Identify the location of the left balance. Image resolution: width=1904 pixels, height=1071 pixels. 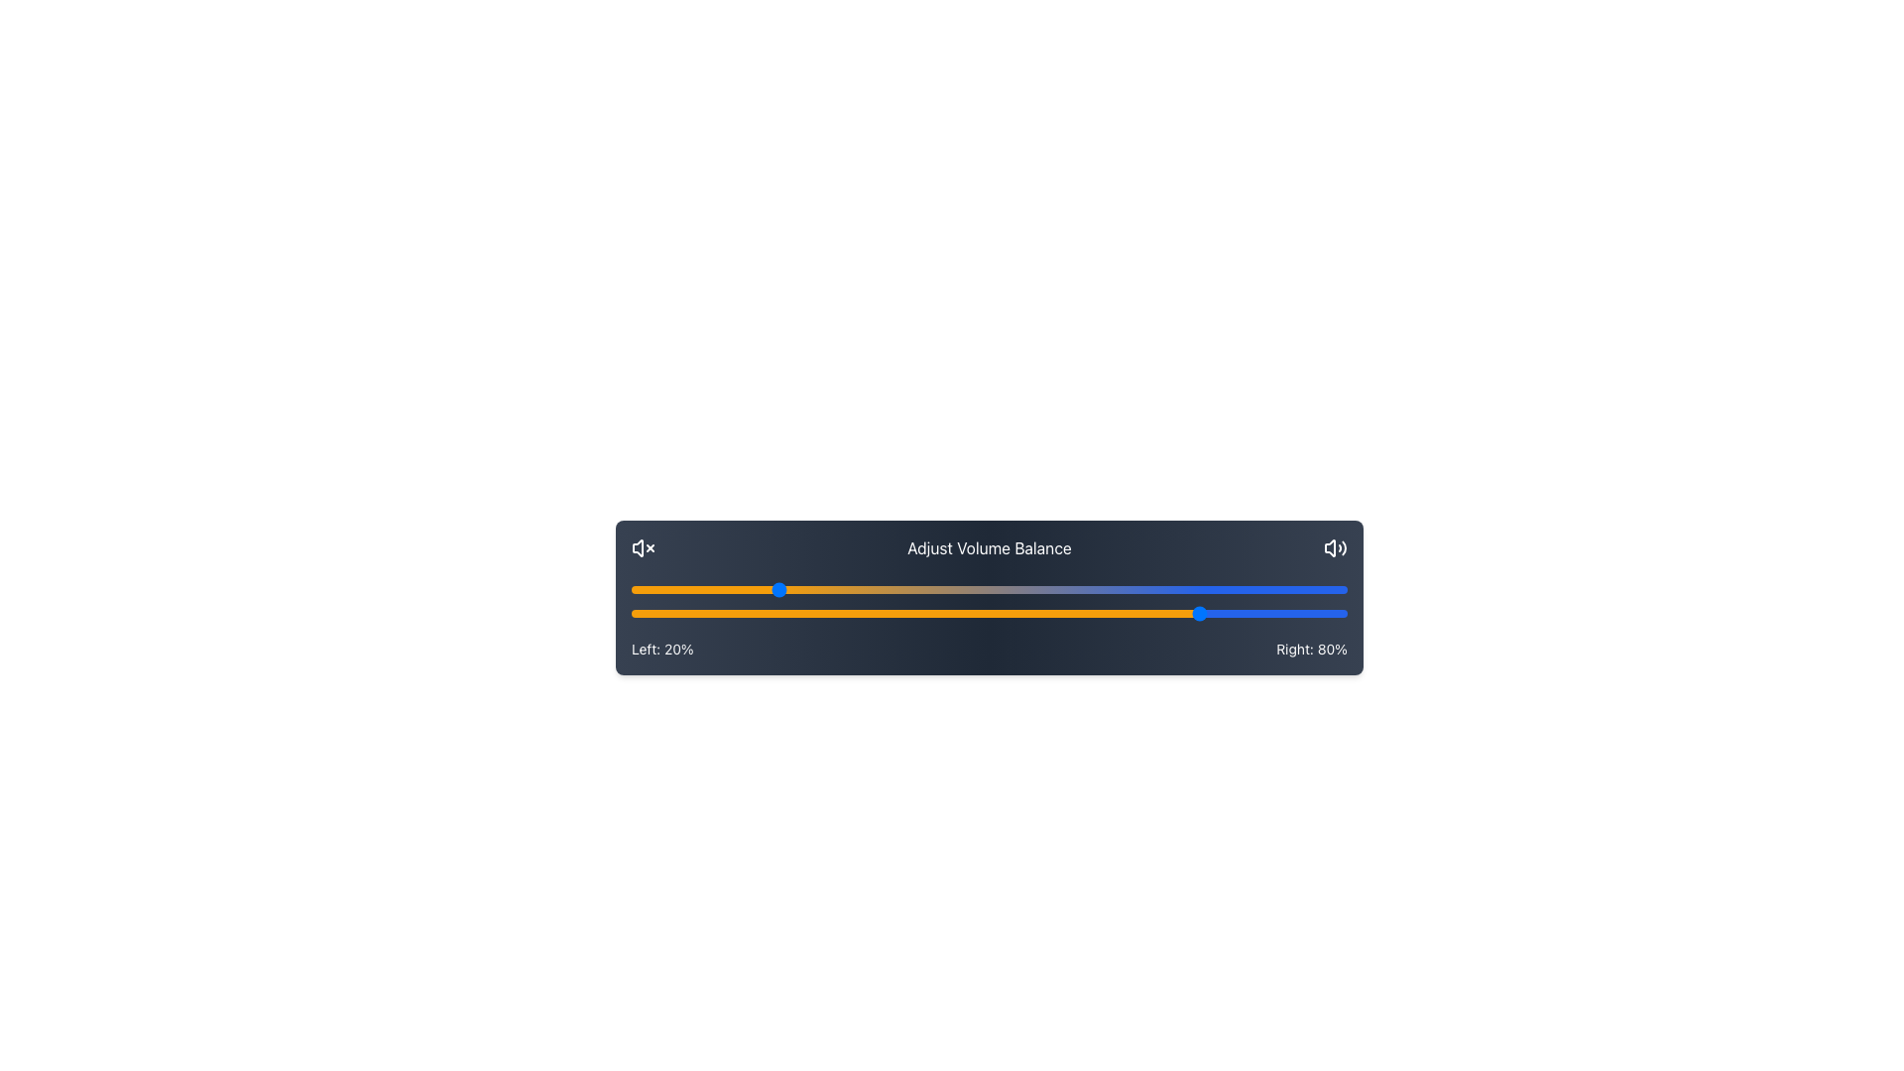
(738, 588).